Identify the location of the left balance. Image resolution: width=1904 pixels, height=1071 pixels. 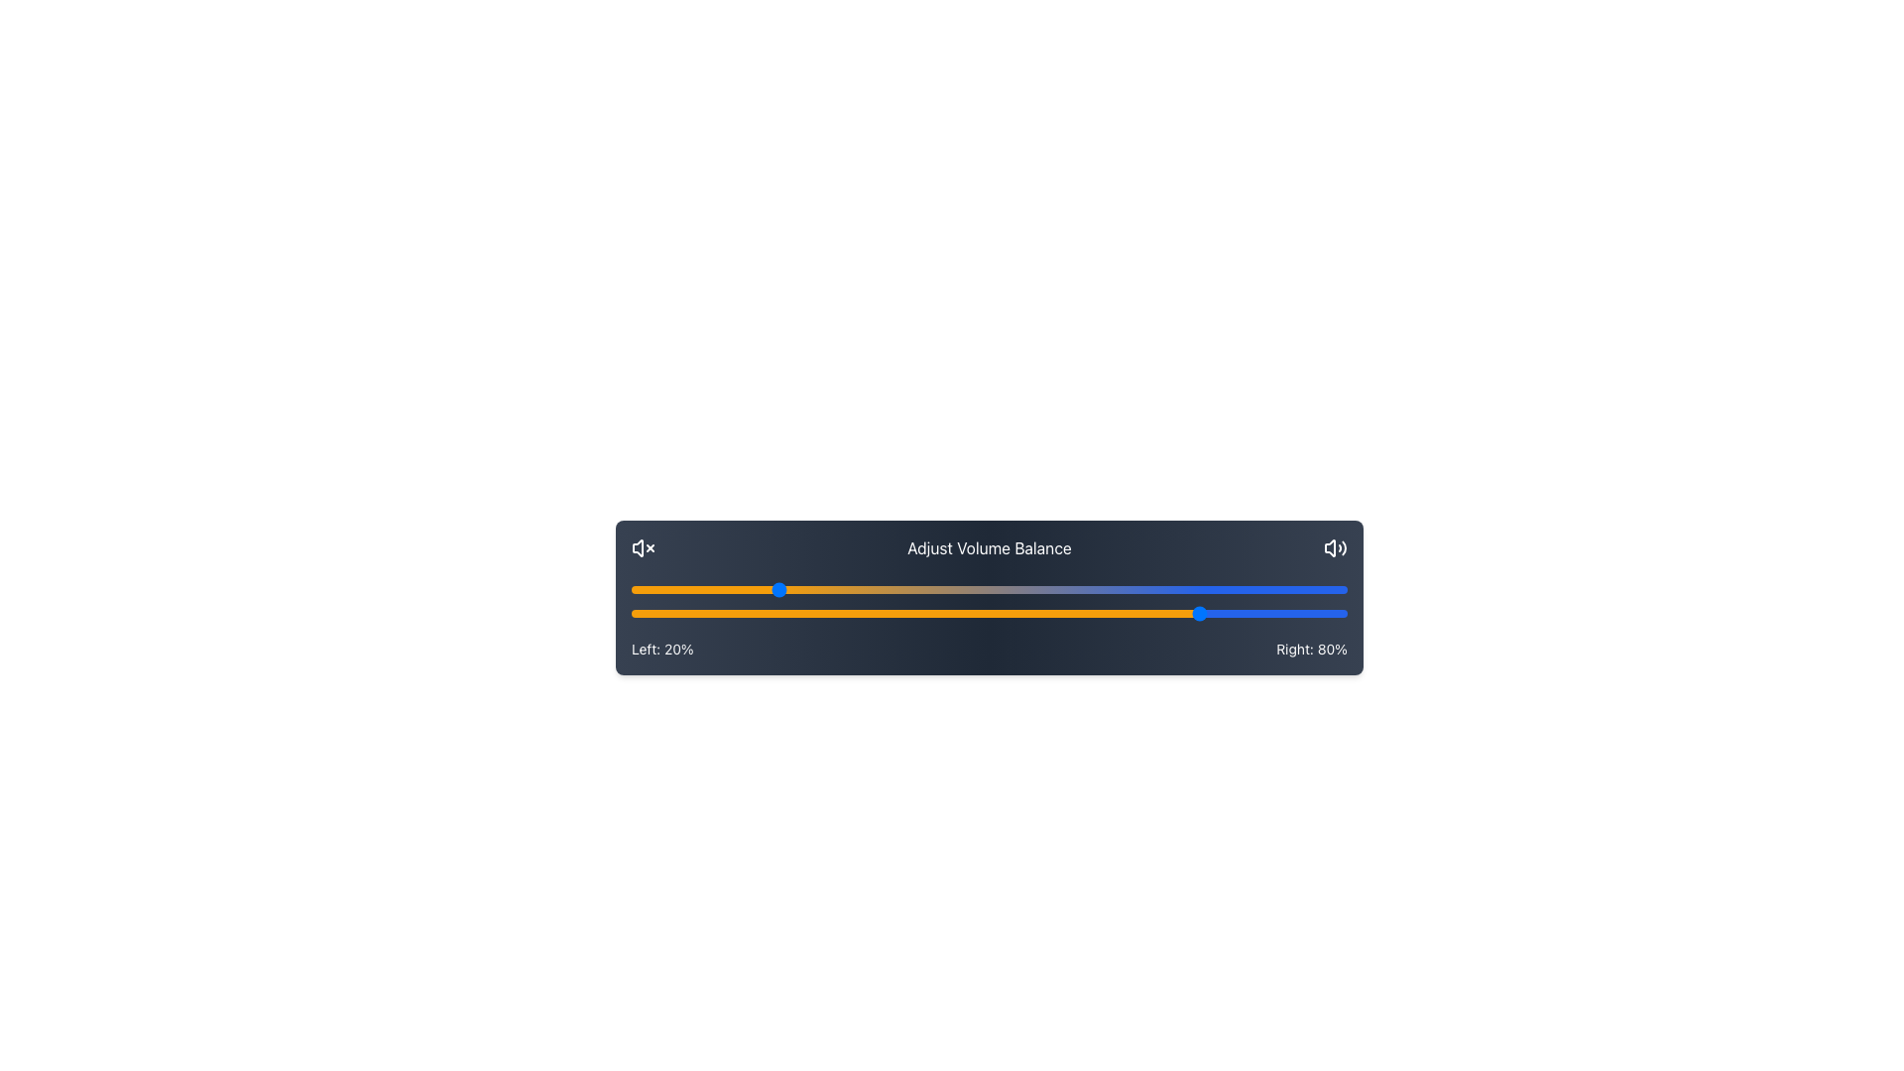
(738, 588).